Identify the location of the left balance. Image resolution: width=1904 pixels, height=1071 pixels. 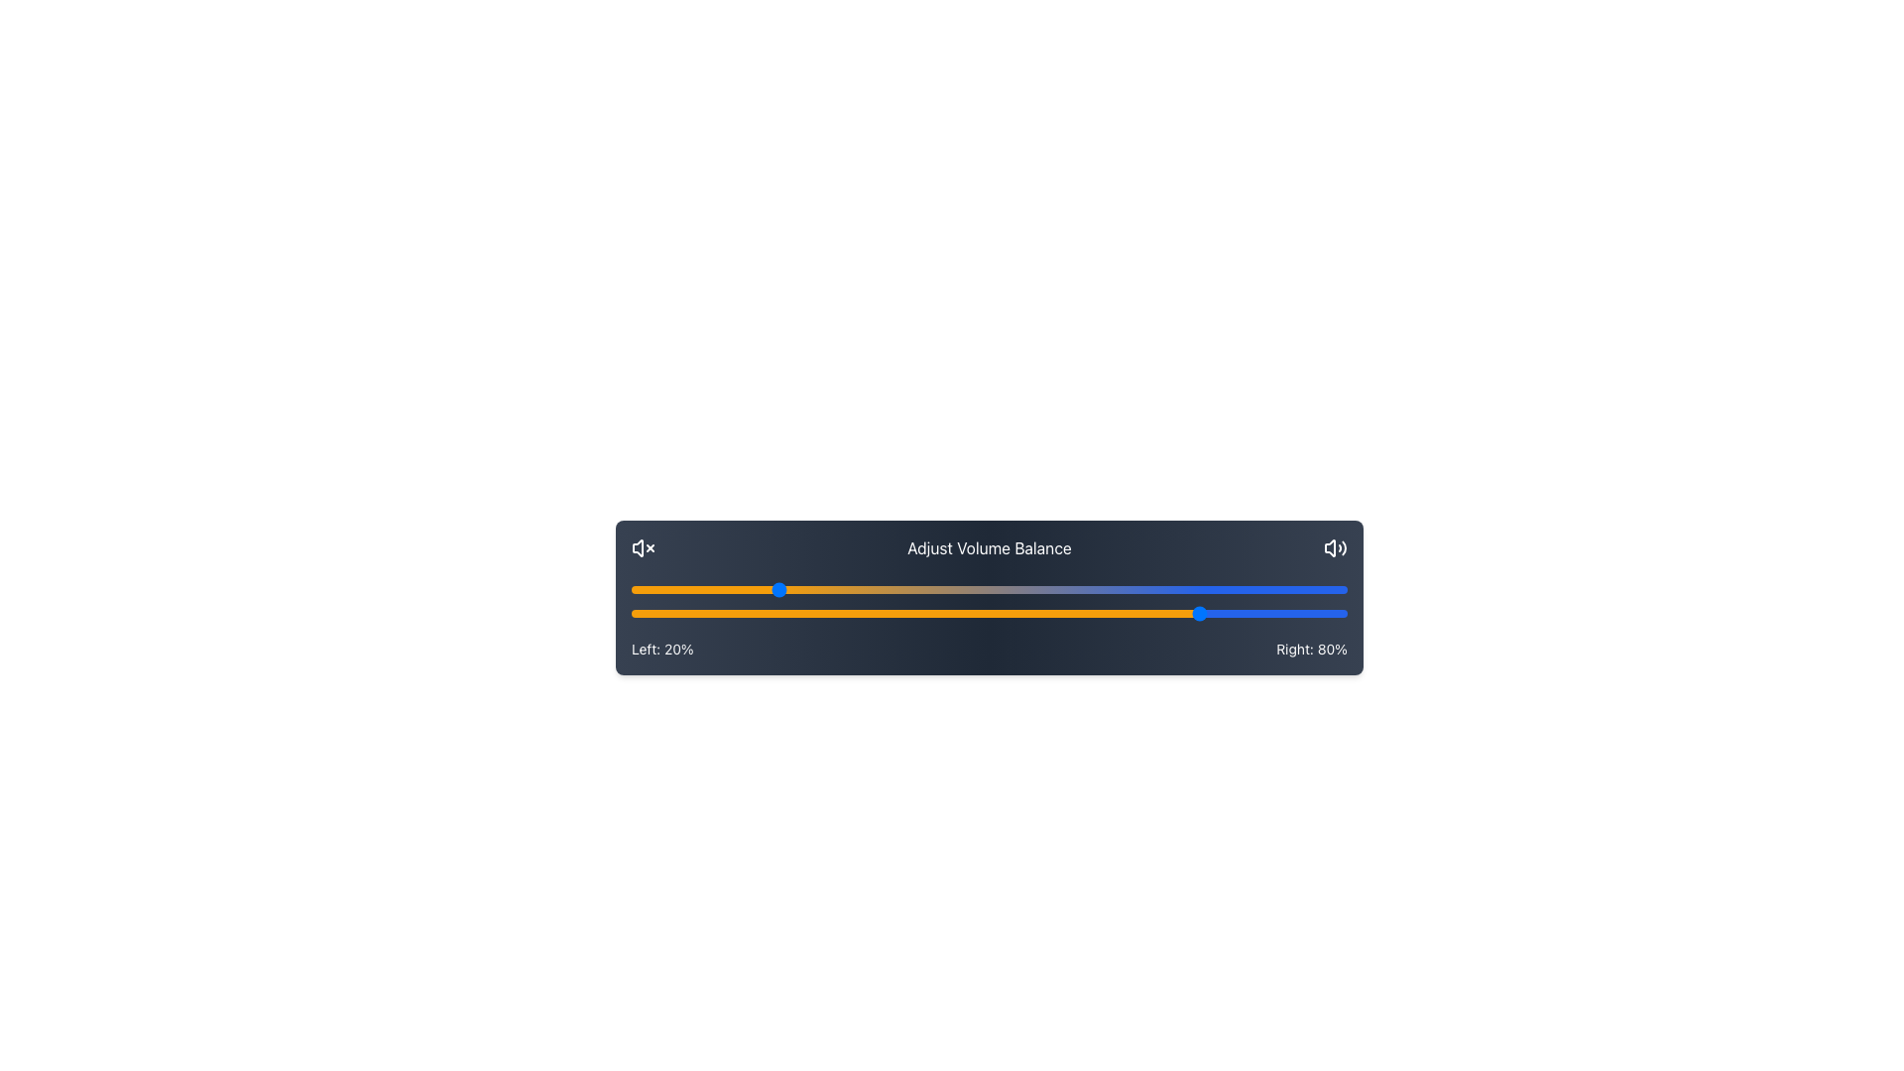
(738, 588).